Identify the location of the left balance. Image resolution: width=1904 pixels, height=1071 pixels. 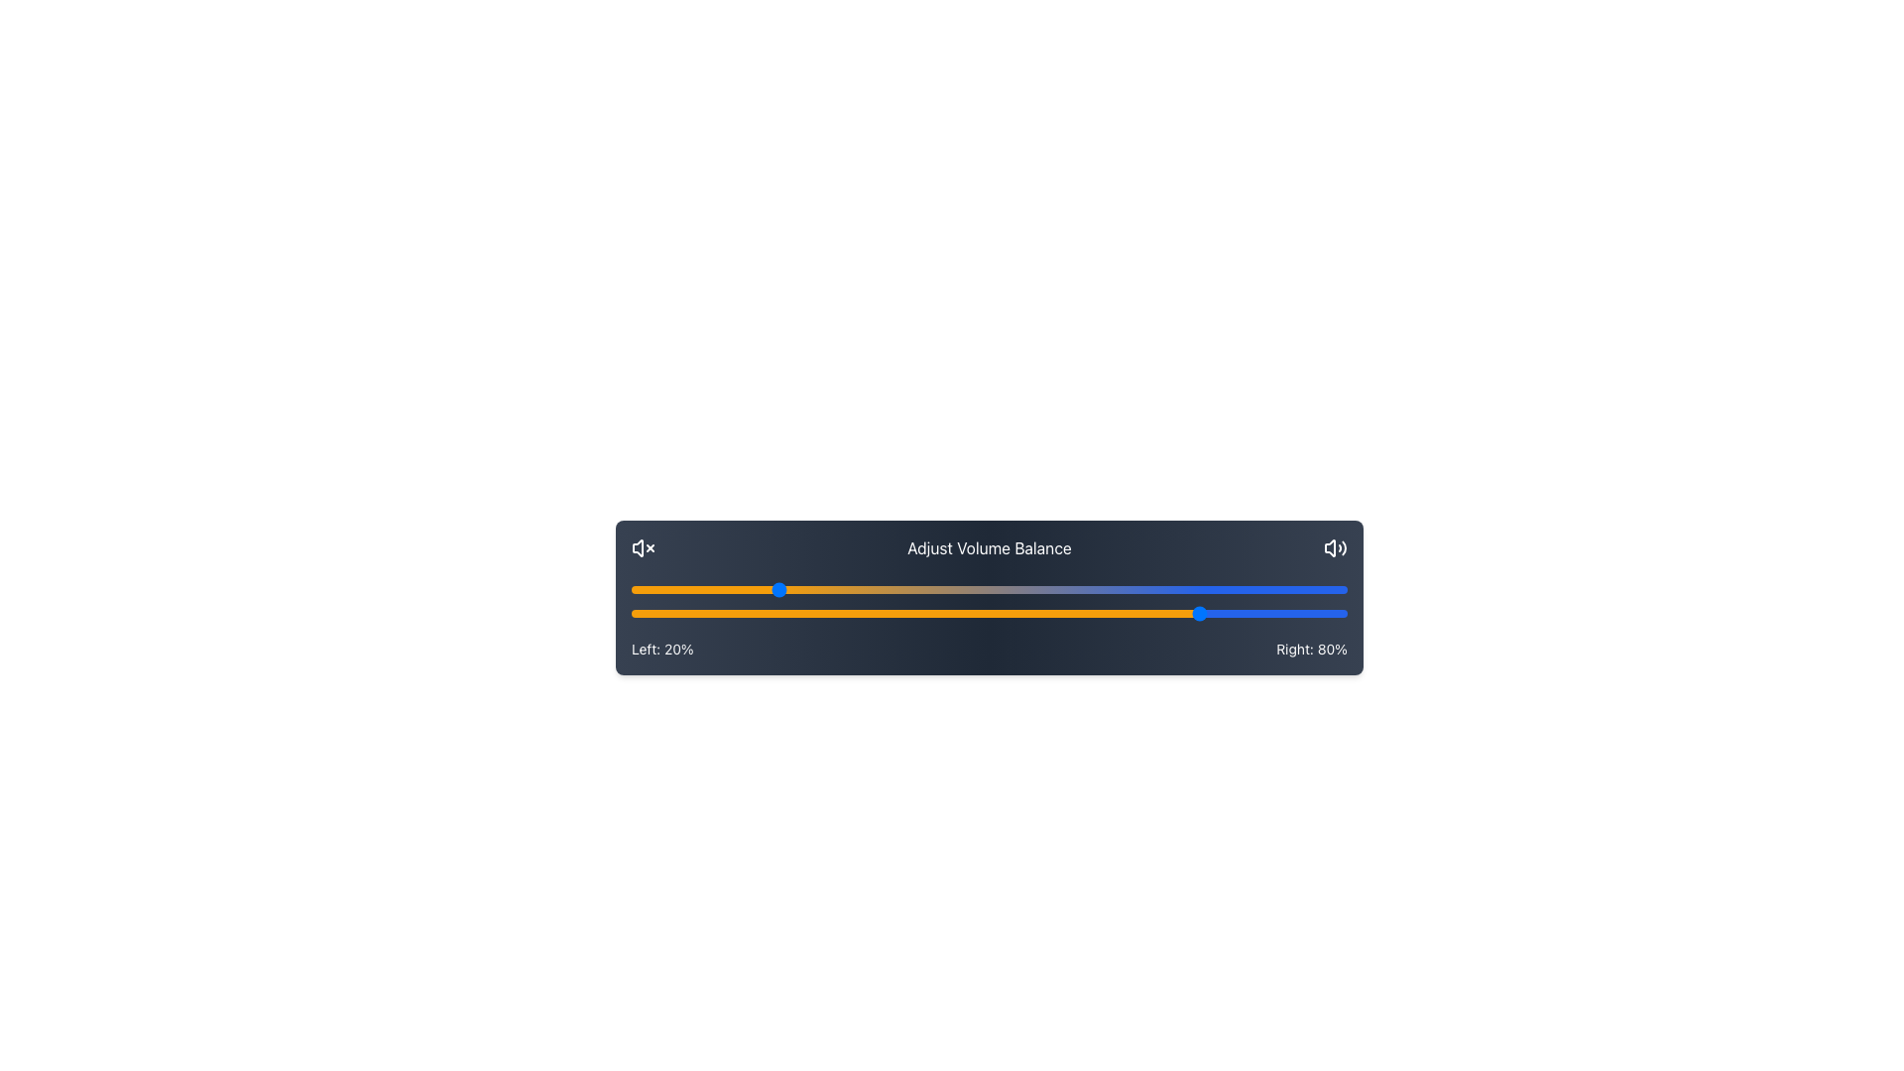
(738, 588).